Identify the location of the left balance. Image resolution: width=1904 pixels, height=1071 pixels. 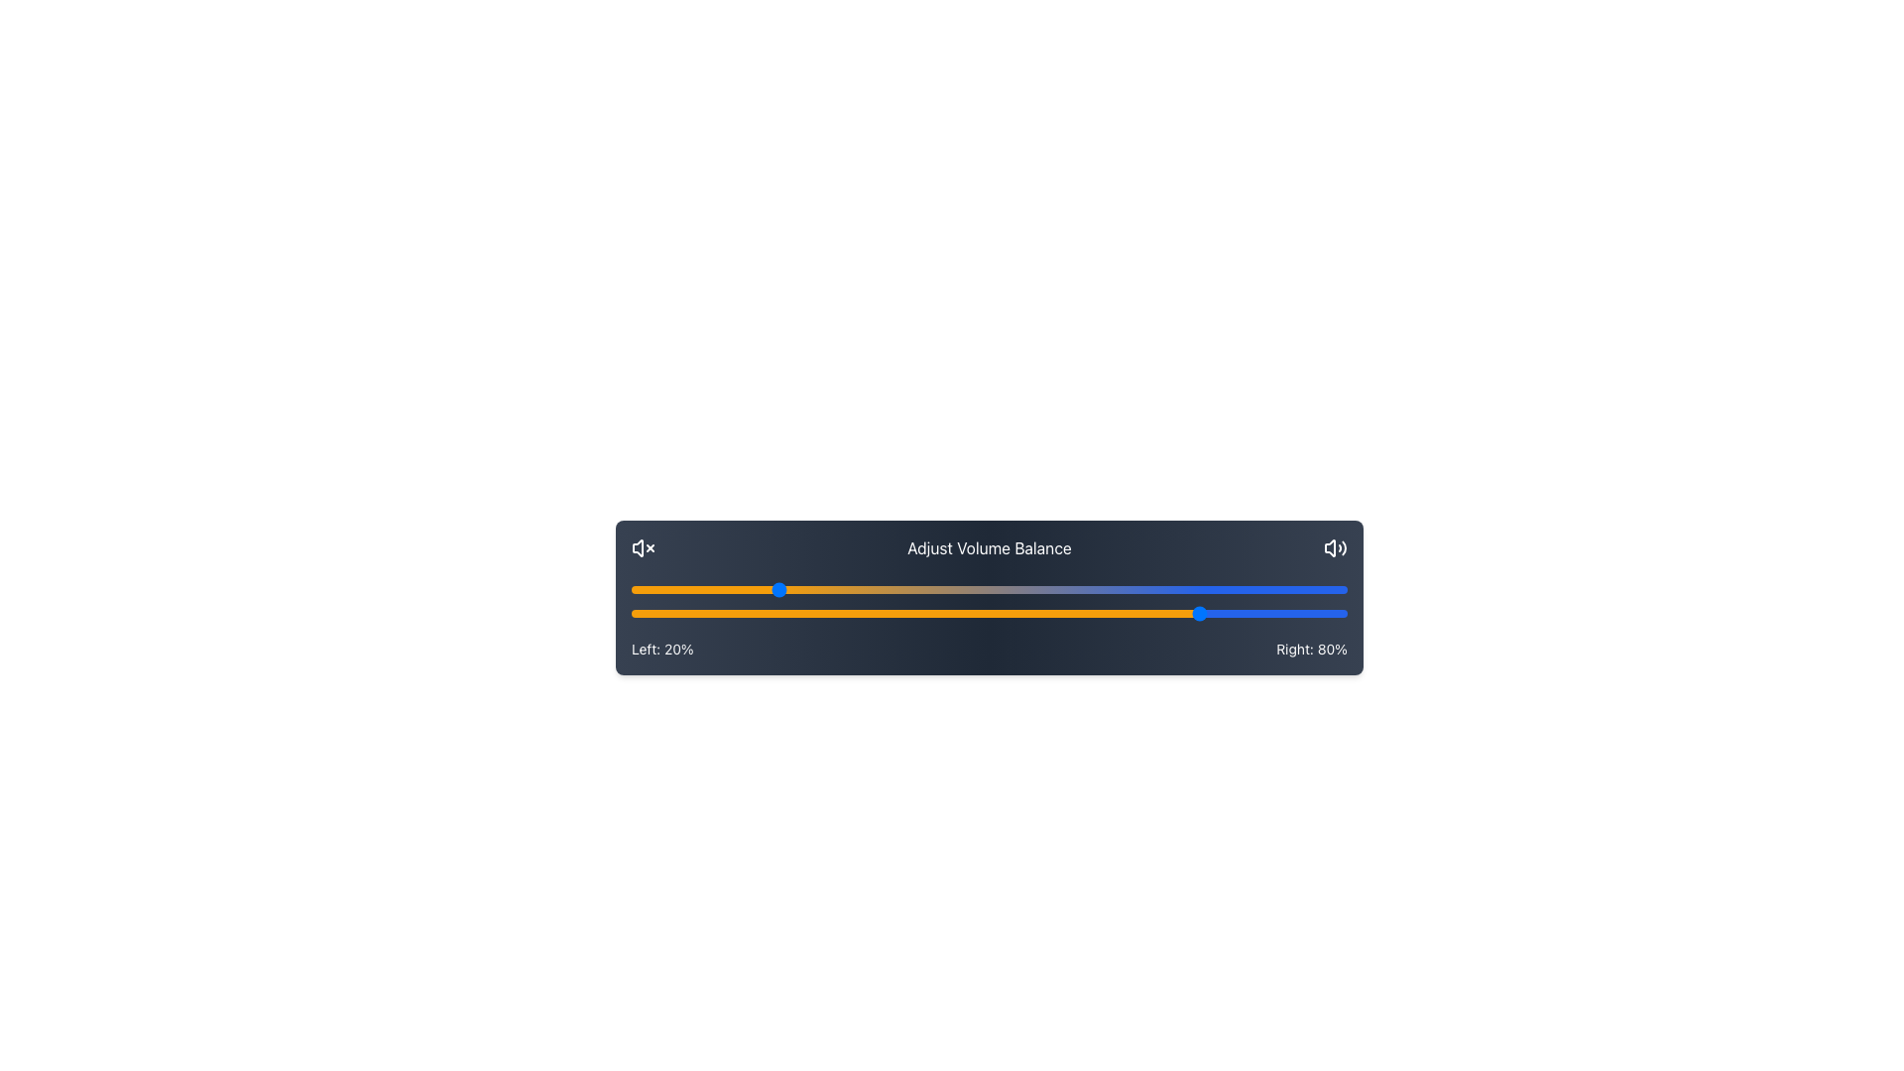
(738, 588).